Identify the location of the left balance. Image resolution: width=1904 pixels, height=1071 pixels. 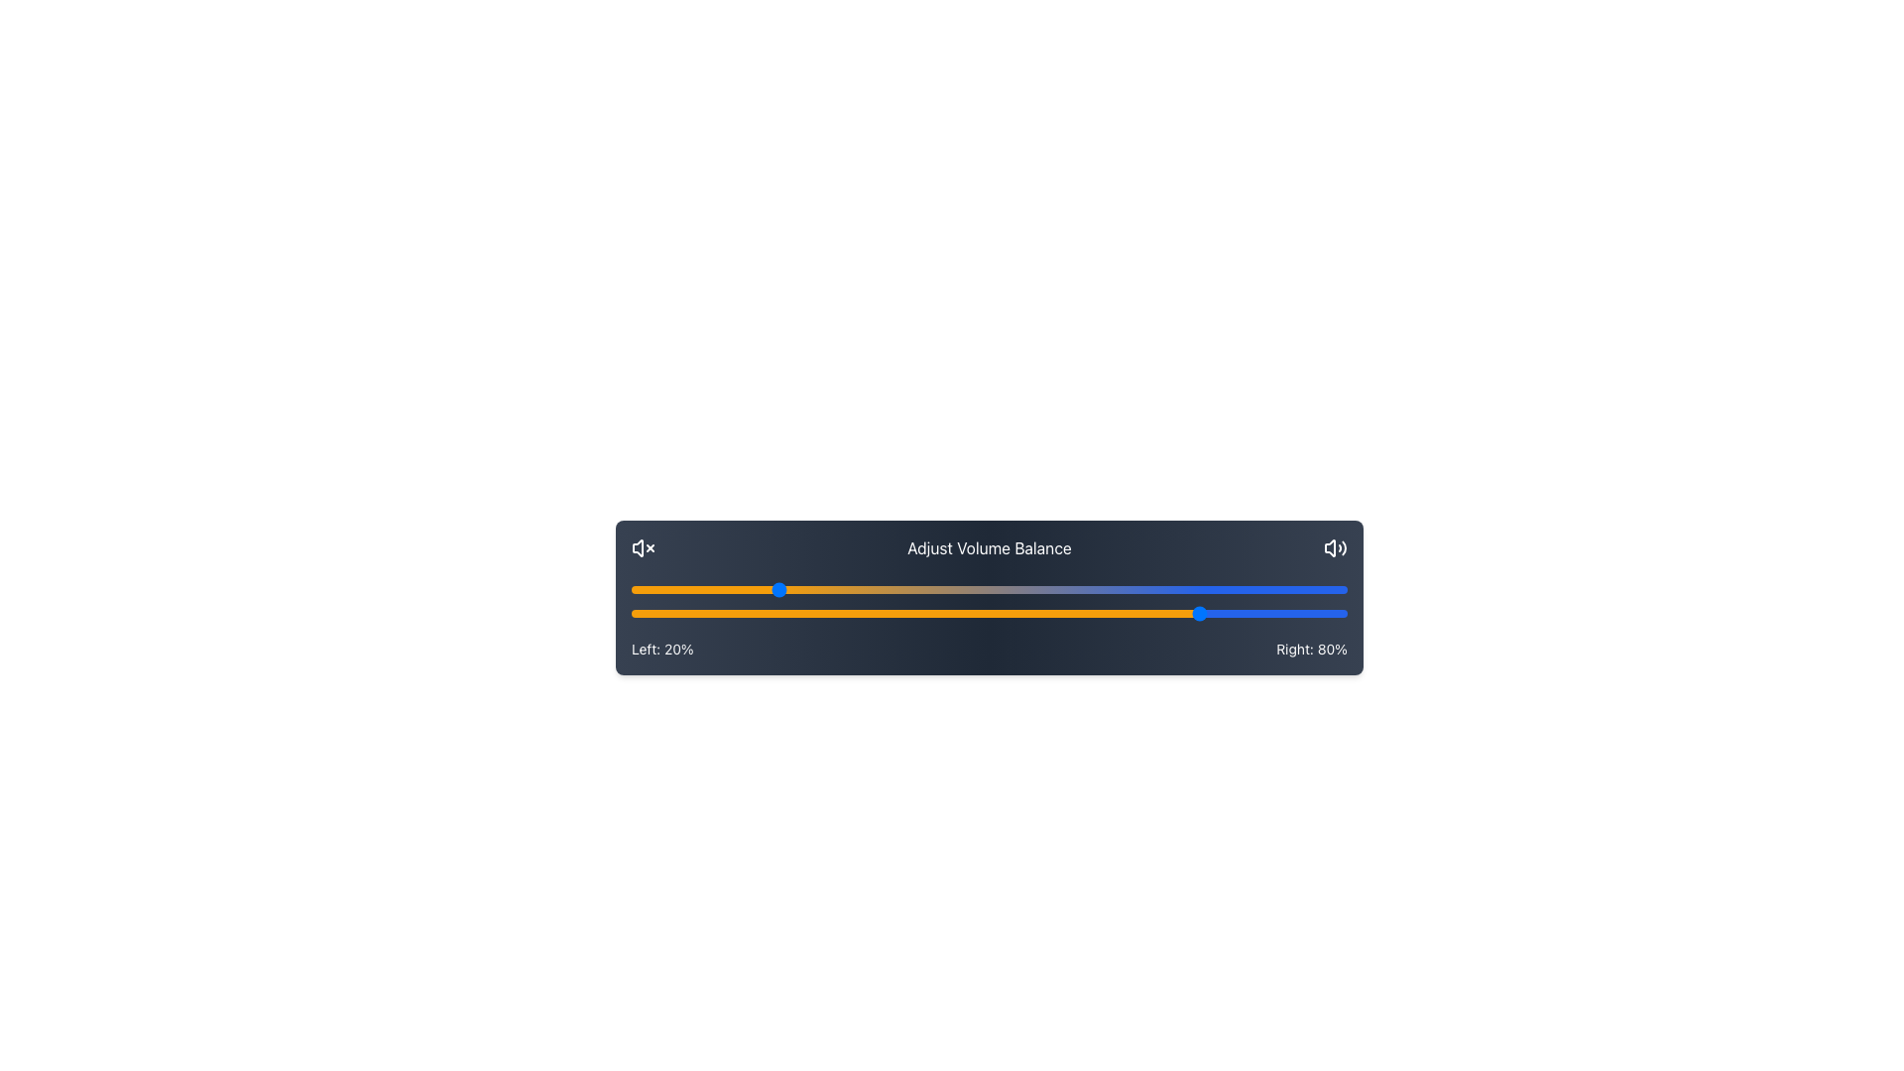
(738, 588).